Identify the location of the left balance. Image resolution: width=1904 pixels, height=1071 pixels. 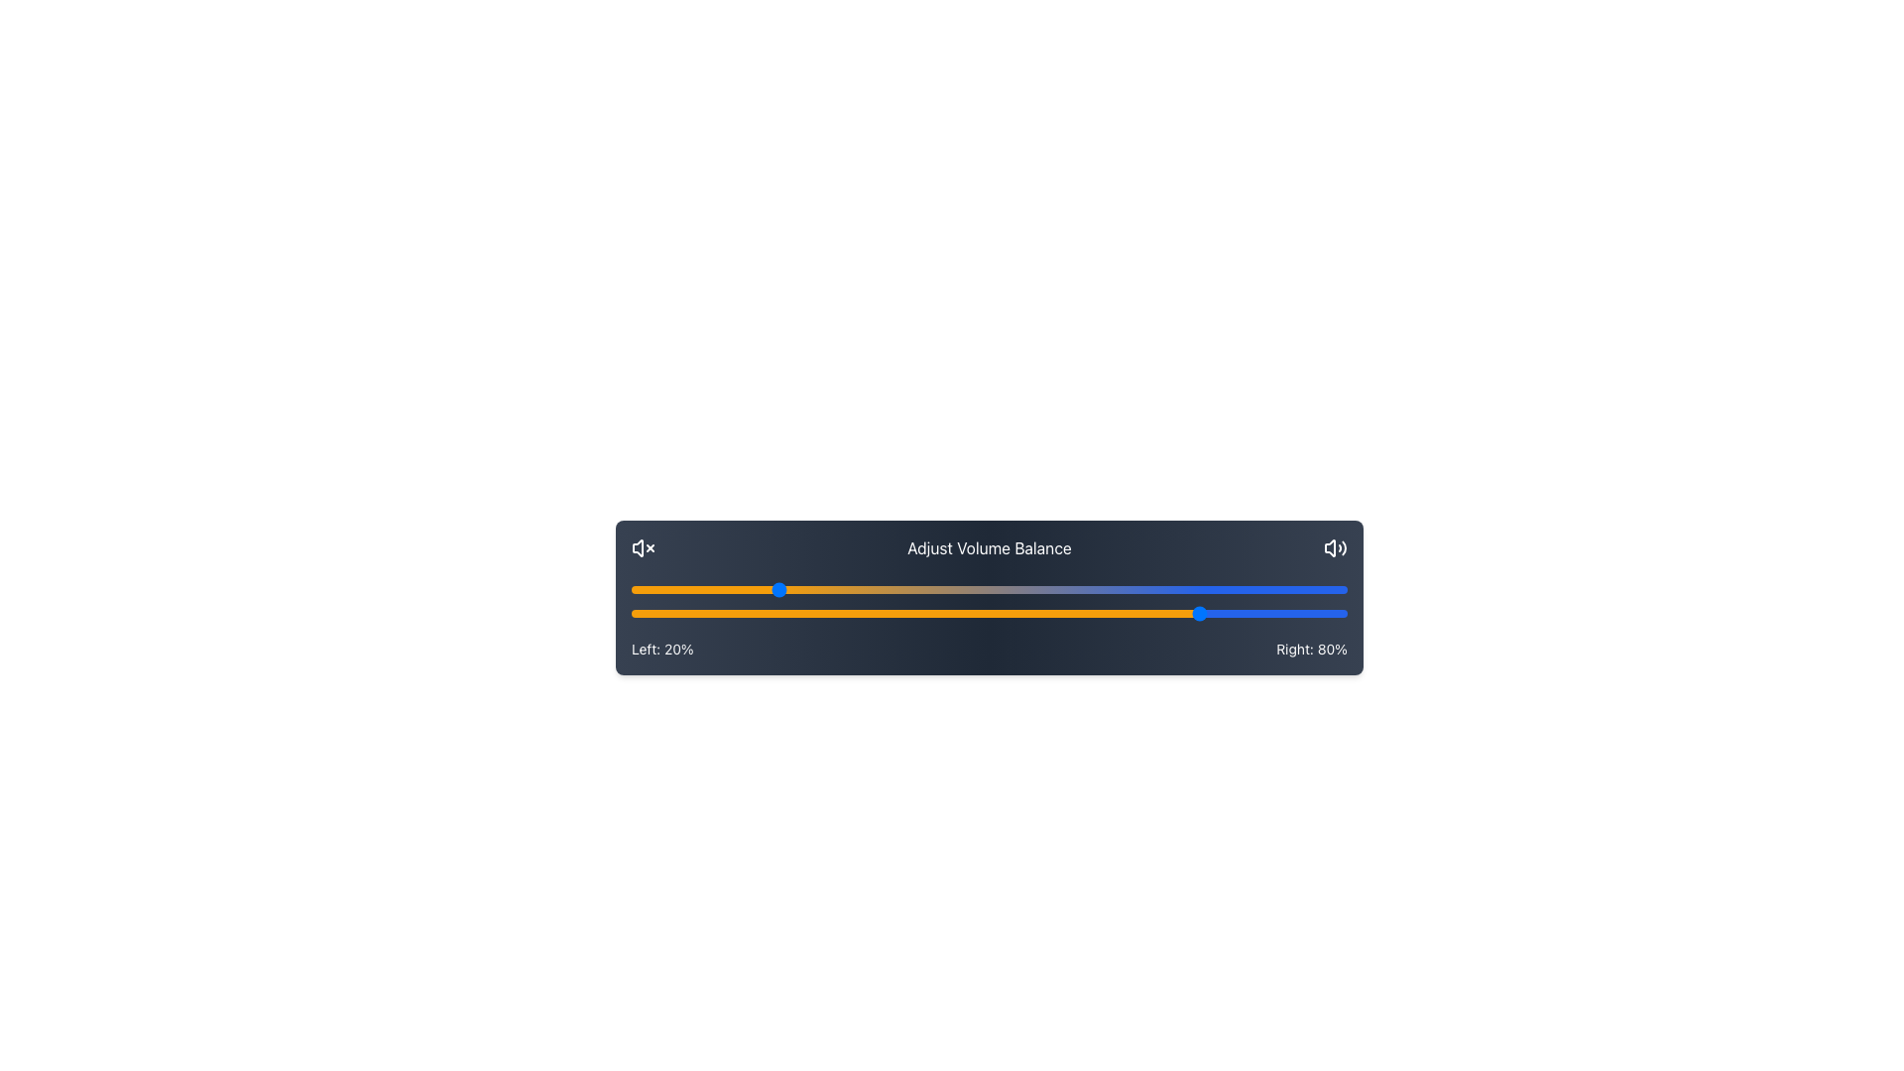
(738, 588).